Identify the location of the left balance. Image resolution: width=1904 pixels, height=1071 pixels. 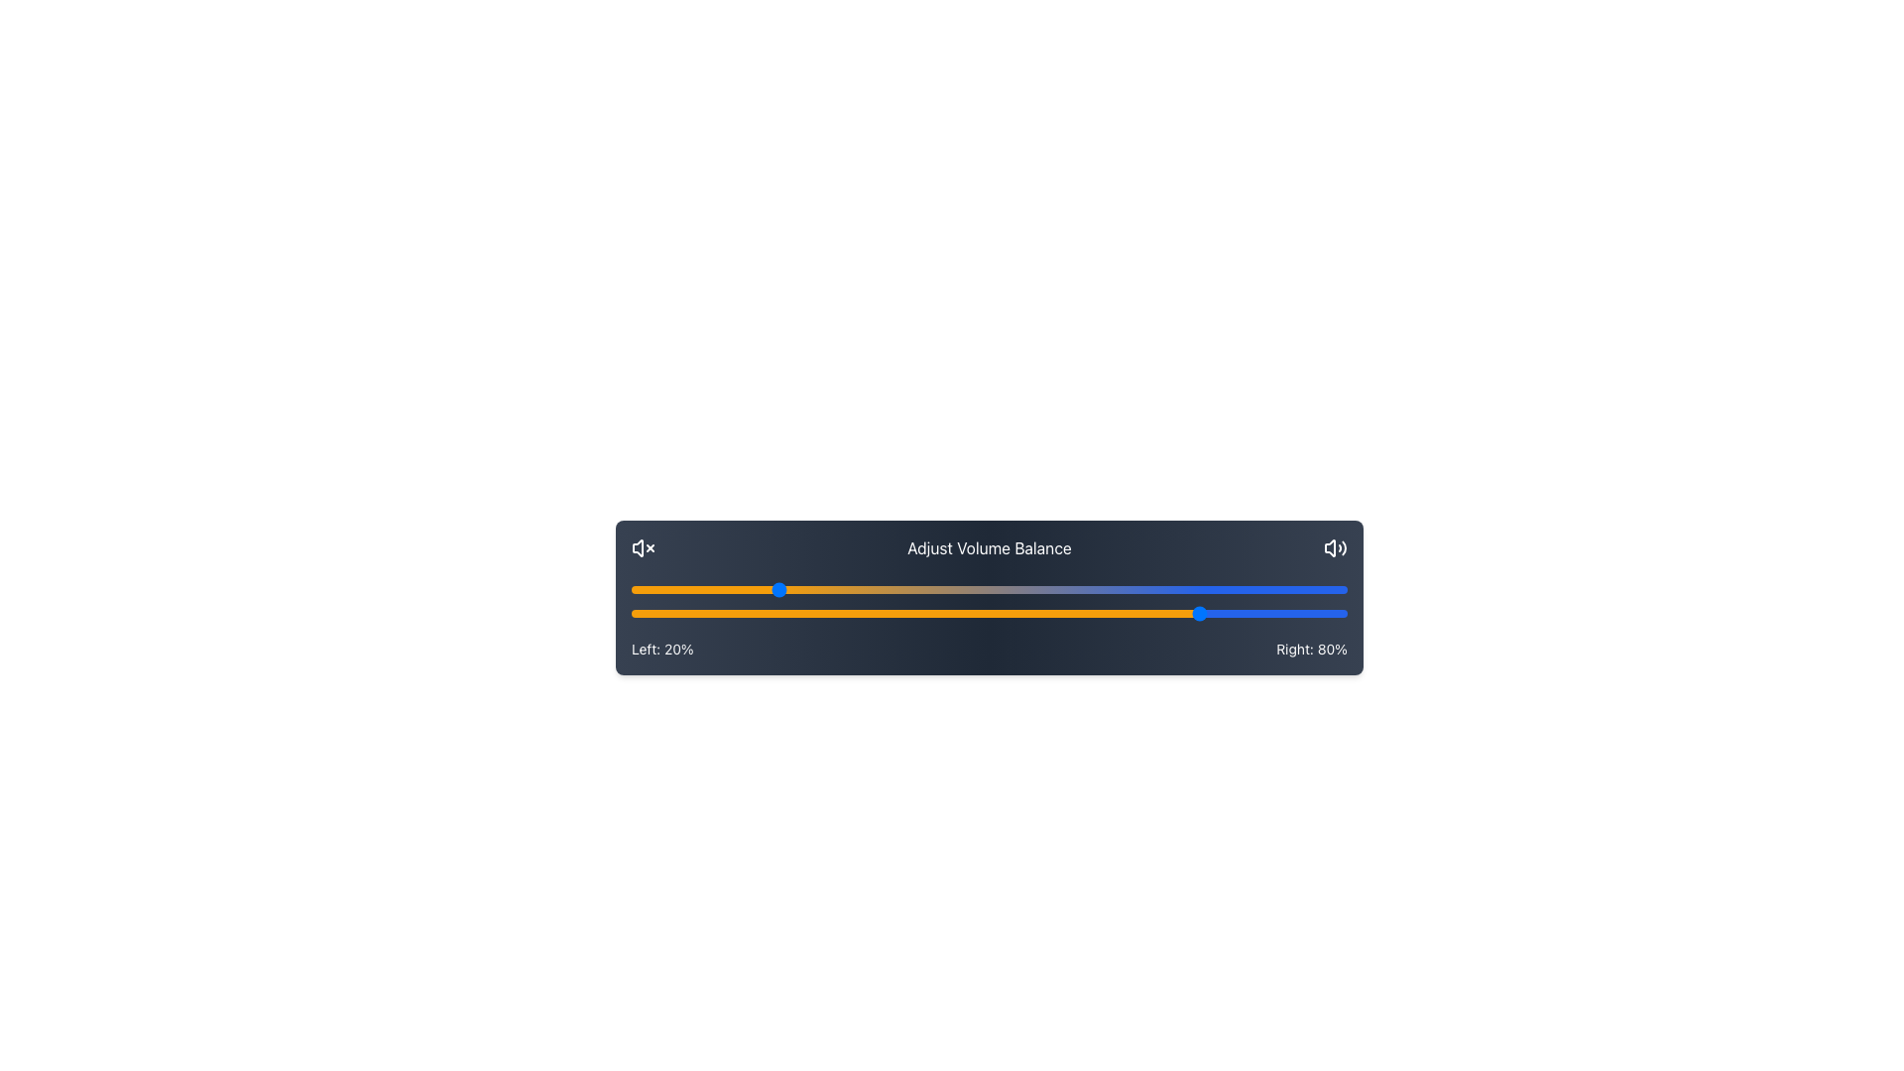
(738, 588).